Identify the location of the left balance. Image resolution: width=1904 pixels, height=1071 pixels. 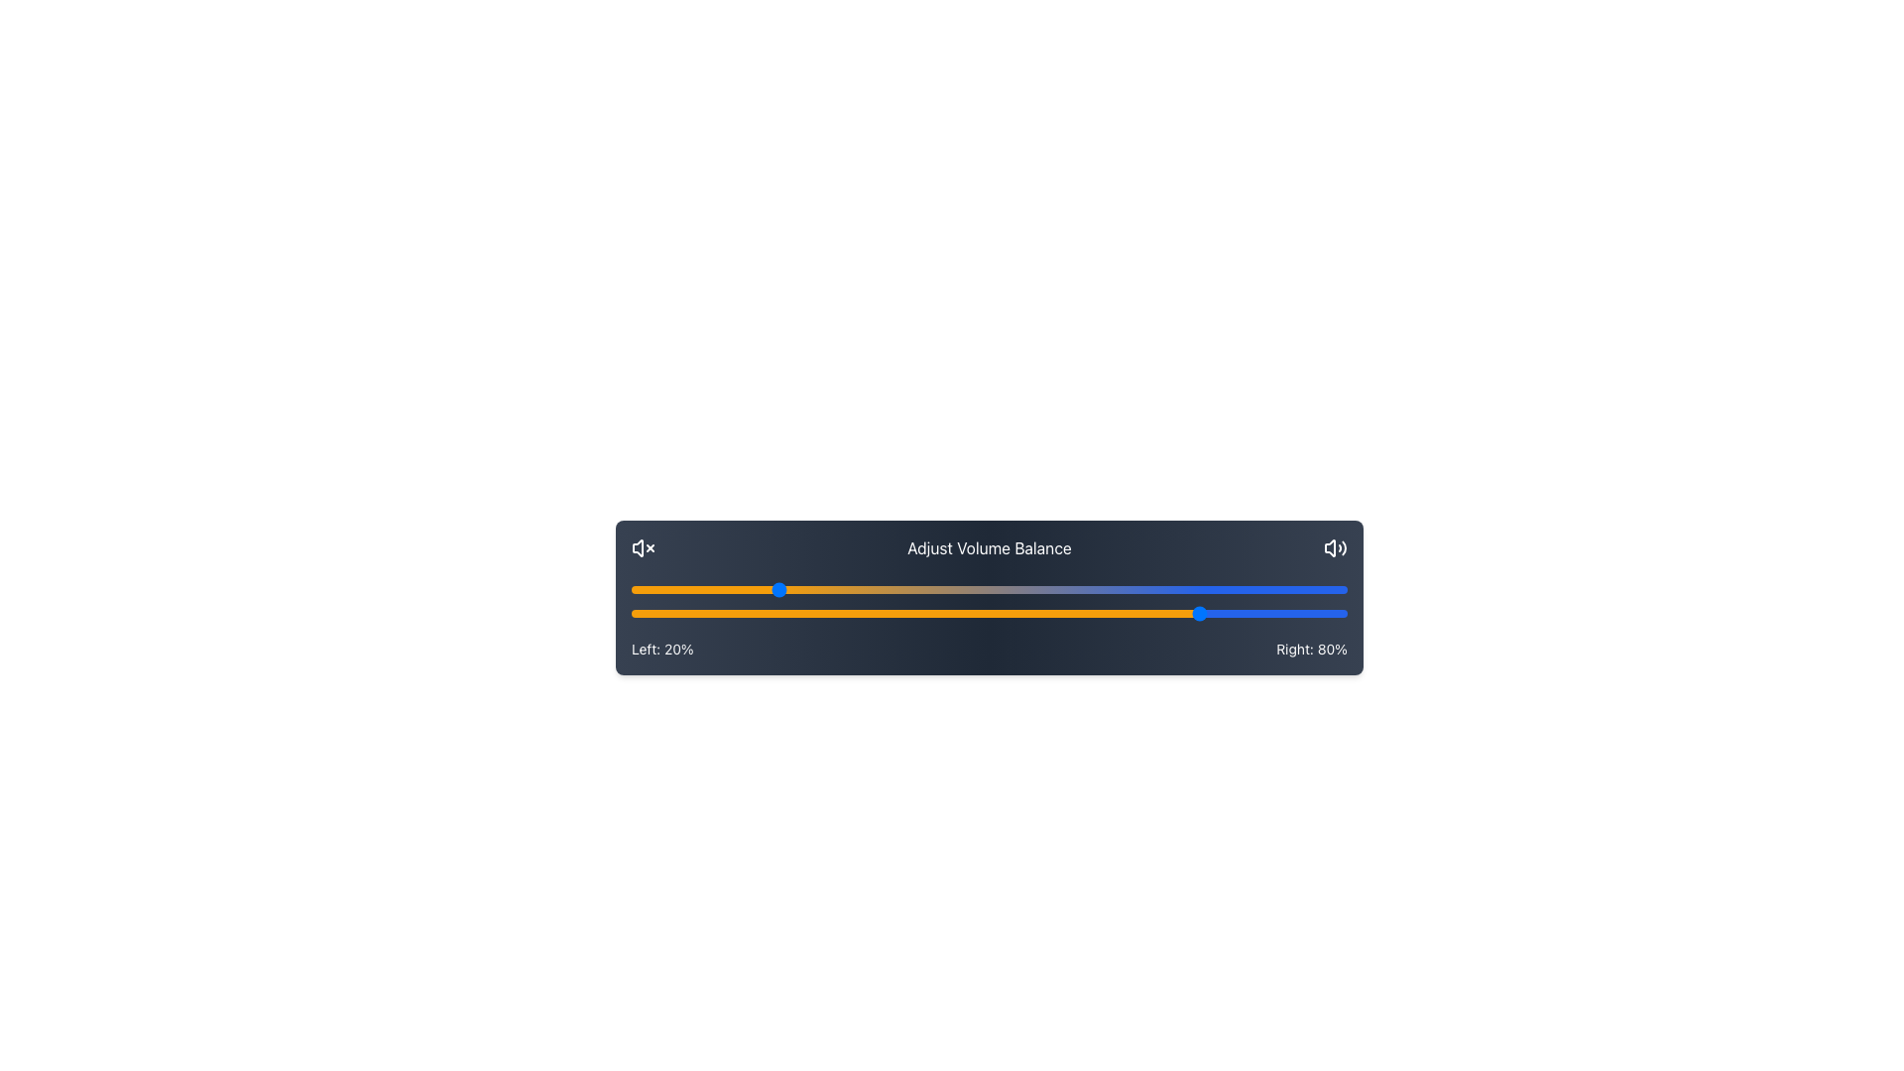
(738, 588).